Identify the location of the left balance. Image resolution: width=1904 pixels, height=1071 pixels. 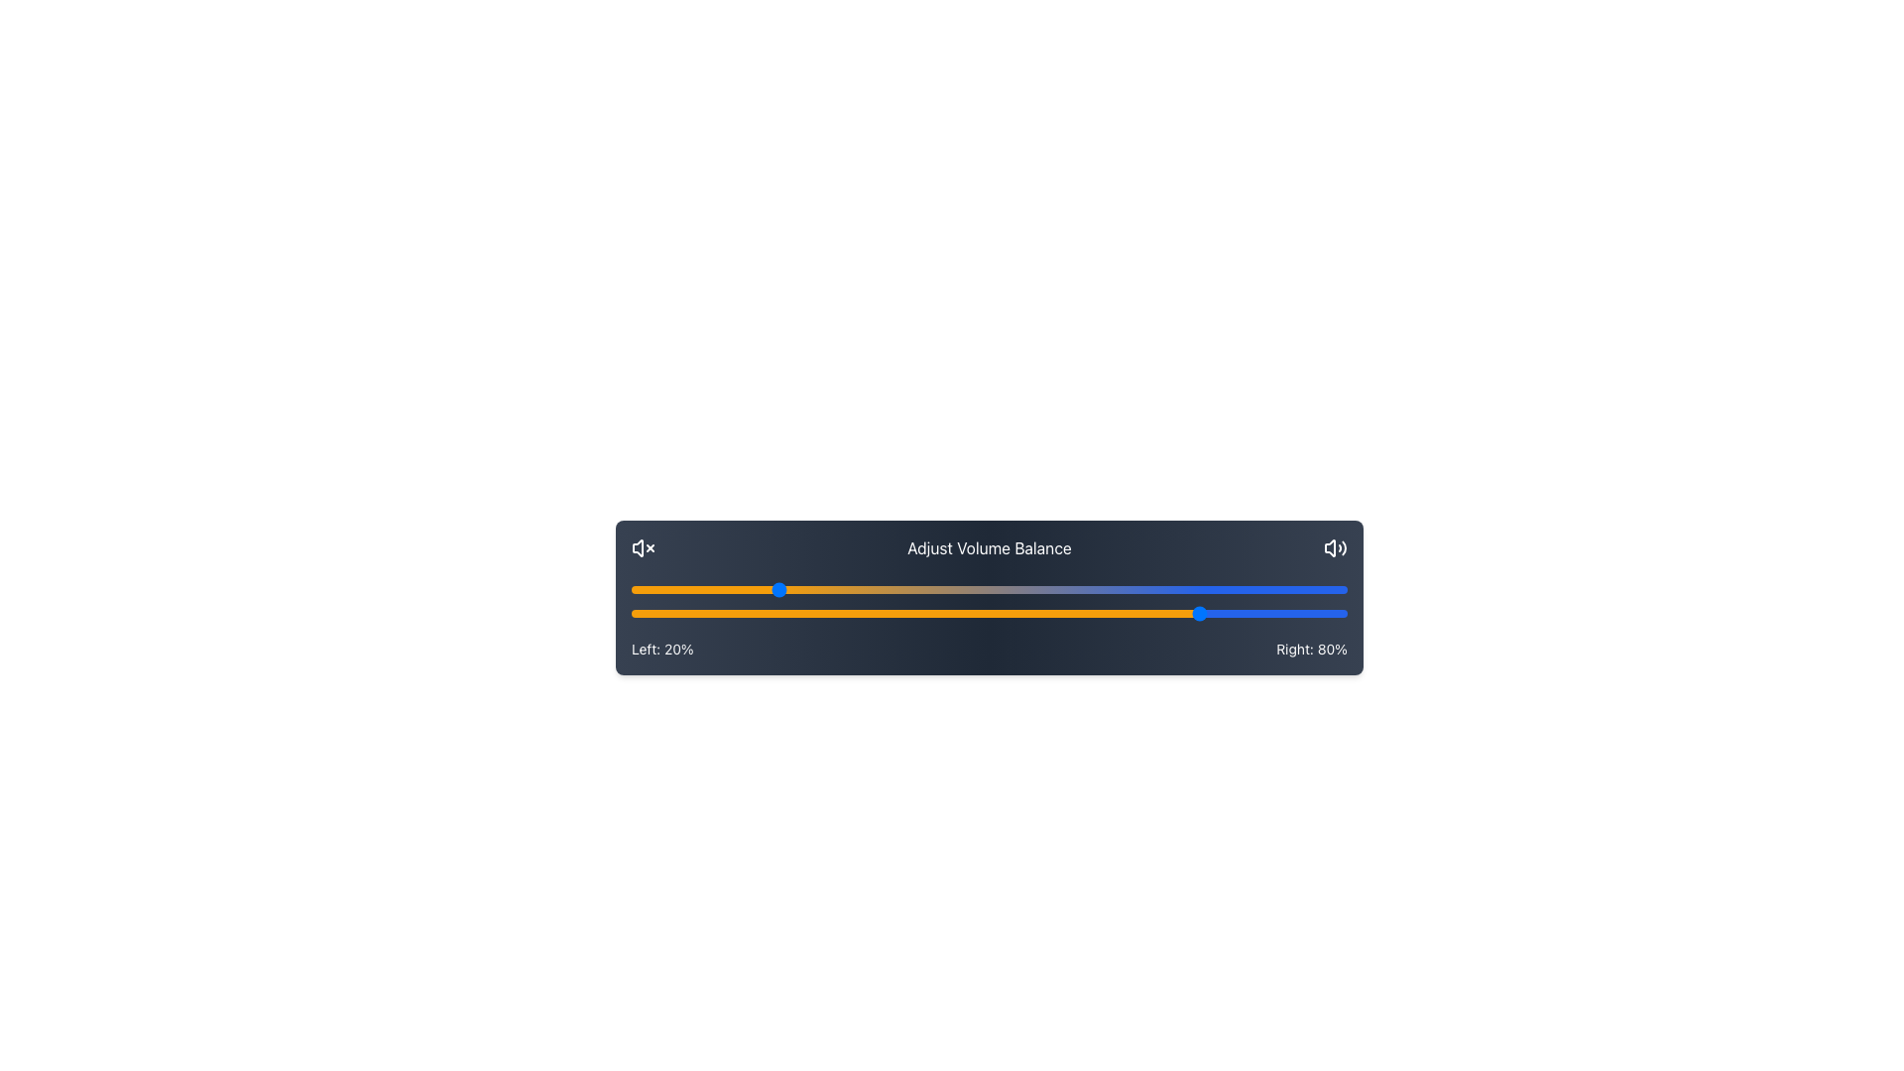
(738, 588).